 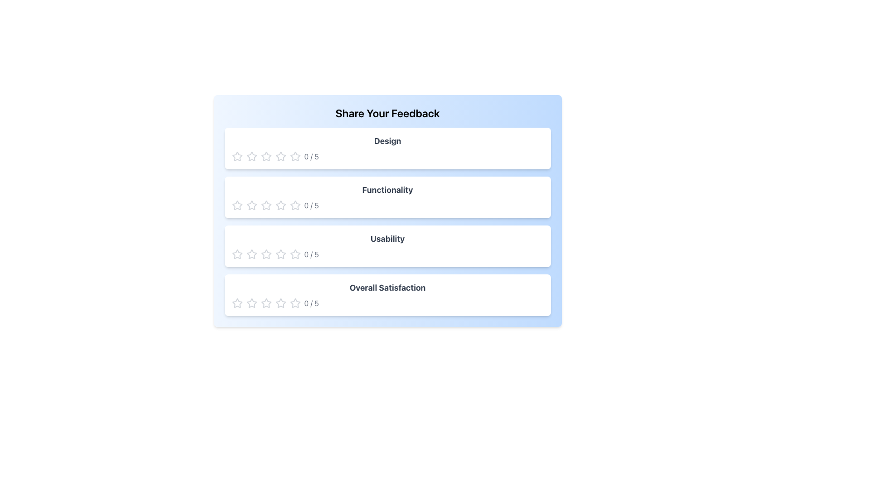 I want to click on the fourth star in the rating system for the 'Usability' category, so click(x=280, y=254).